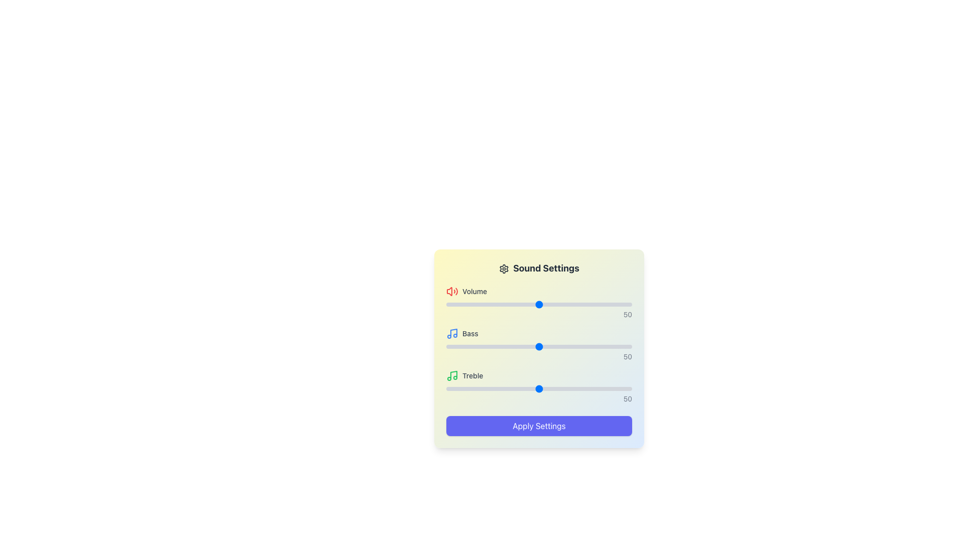 This screenshot has height=542, width=964. I want to click on the treble level, so click(569, 388).